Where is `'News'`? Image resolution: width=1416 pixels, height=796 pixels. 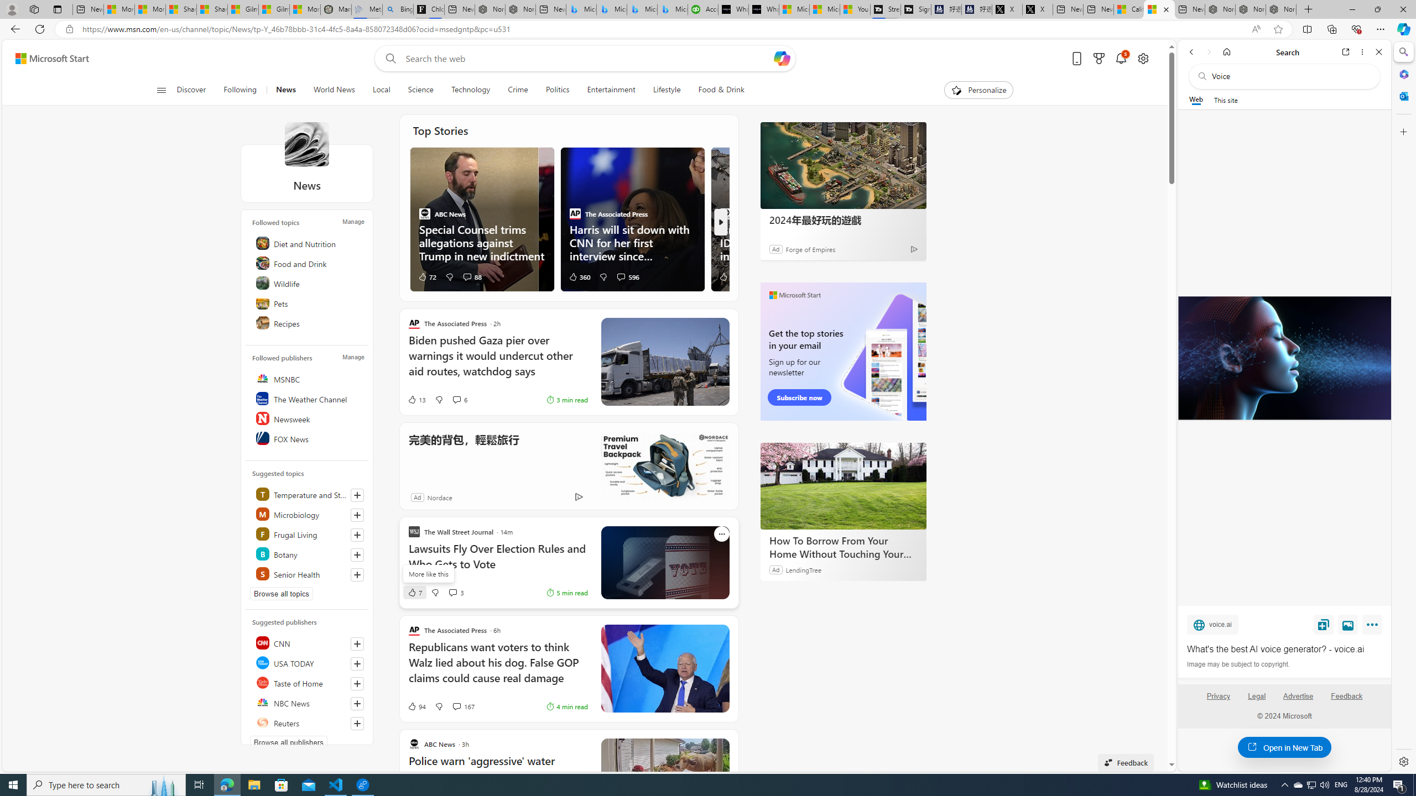 'News' is located at coordinates (306, 144).